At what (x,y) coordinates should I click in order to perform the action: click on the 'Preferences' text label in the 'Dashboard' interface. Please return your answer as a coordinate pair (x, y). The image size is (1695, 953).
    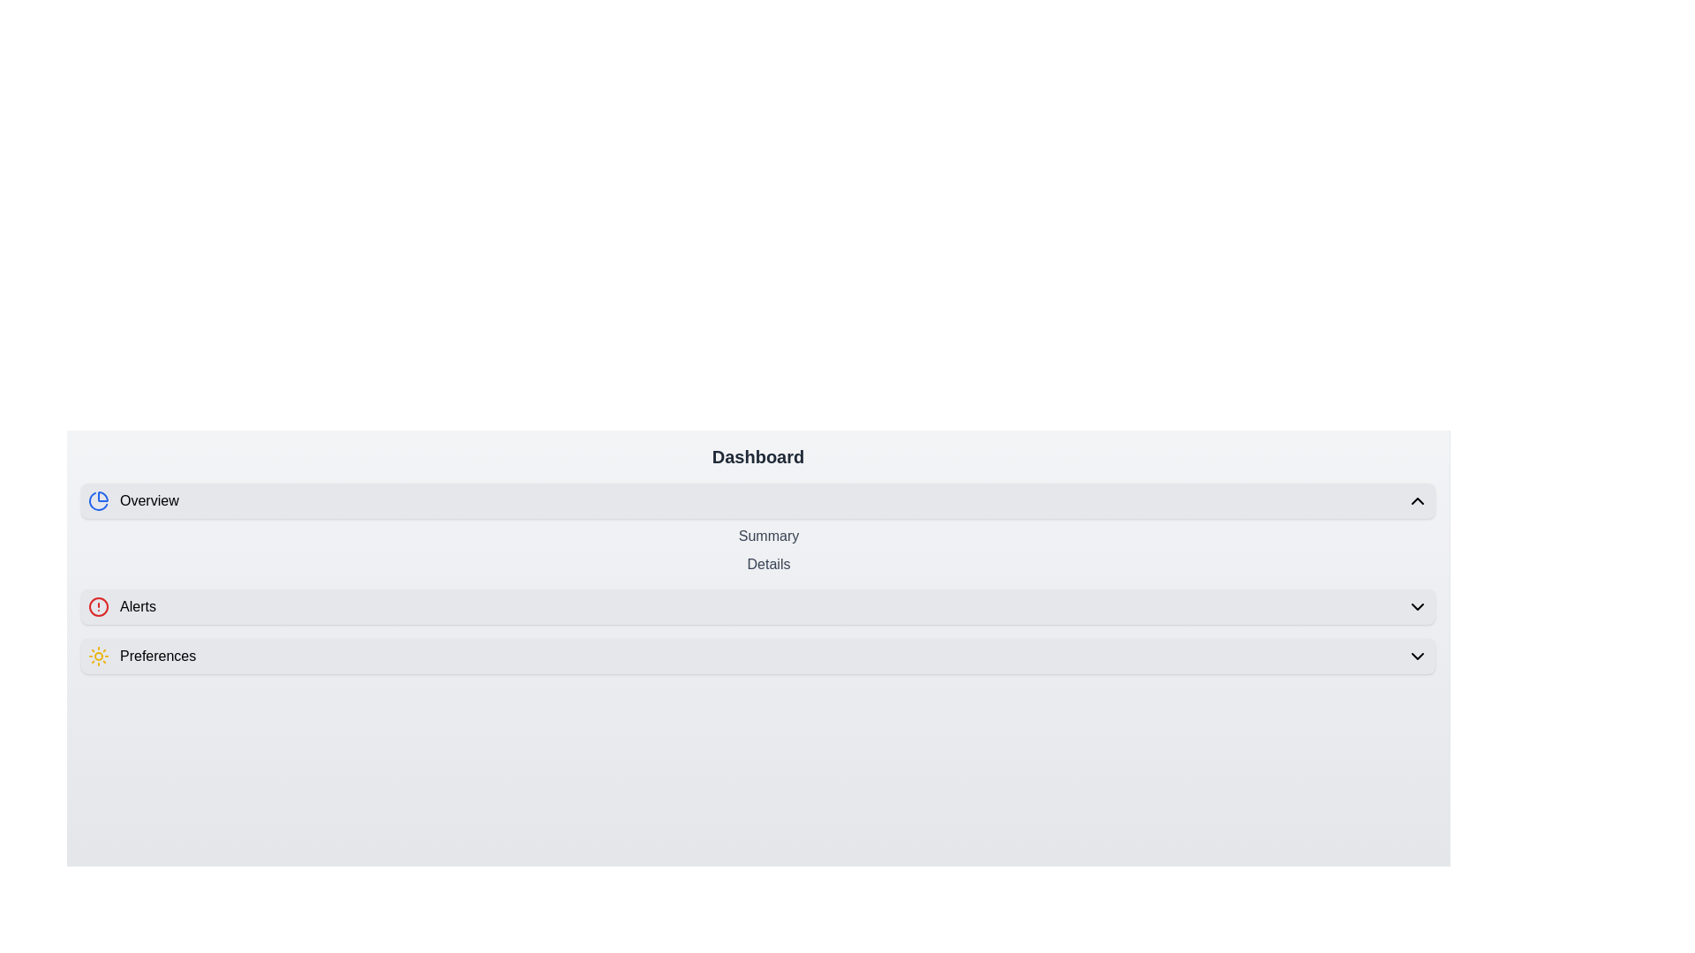
    Looking at the image, I should click on (158, 657).